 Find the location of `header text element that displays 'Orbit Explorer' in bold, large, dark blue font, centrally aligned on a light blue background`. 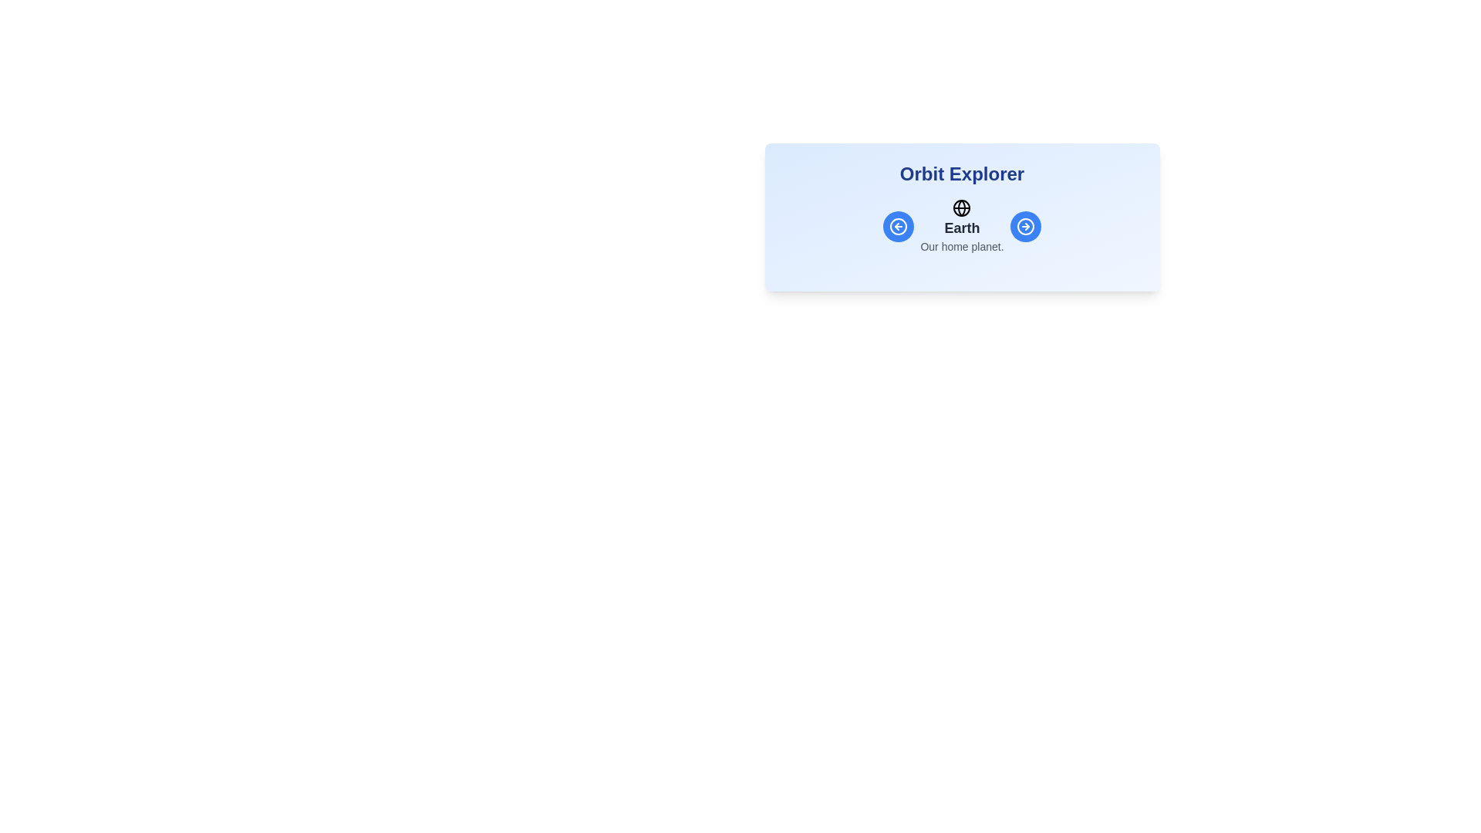

header text element that displays 'Orbit Explorer' in bold, large, dark blue font, centrally aligned on a light blue background is located at coordinates (961, 174).